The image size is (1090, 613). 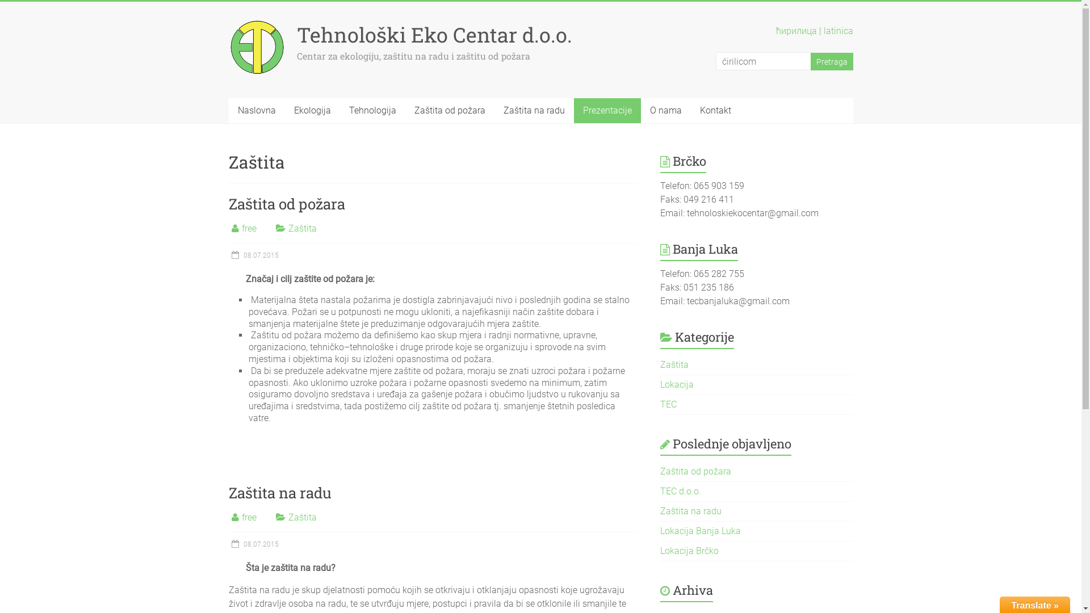 What do you see at coordinates (253, 255) in the screenshot?
I see `'08.07.2015'` at bounding box center [253, 255].